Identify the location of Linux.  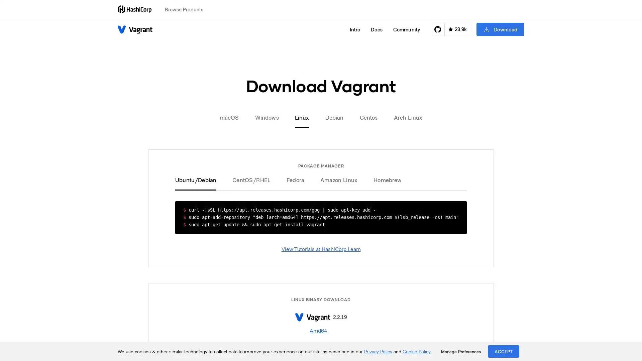
(301, 117).